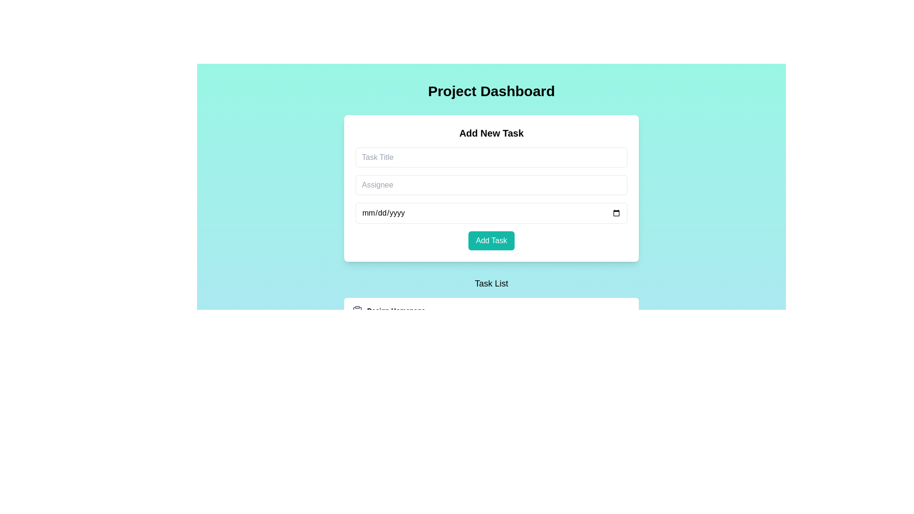 Image resolution: width=914 pixels, height=514 pixels. I want to click on the clipboard icon, which is a monochromatic SVG element with rounded corners and positioned to the left of the 'Design Homepage' text in the lower part of the interface under the 'Task List' heading, so click(357, 311).